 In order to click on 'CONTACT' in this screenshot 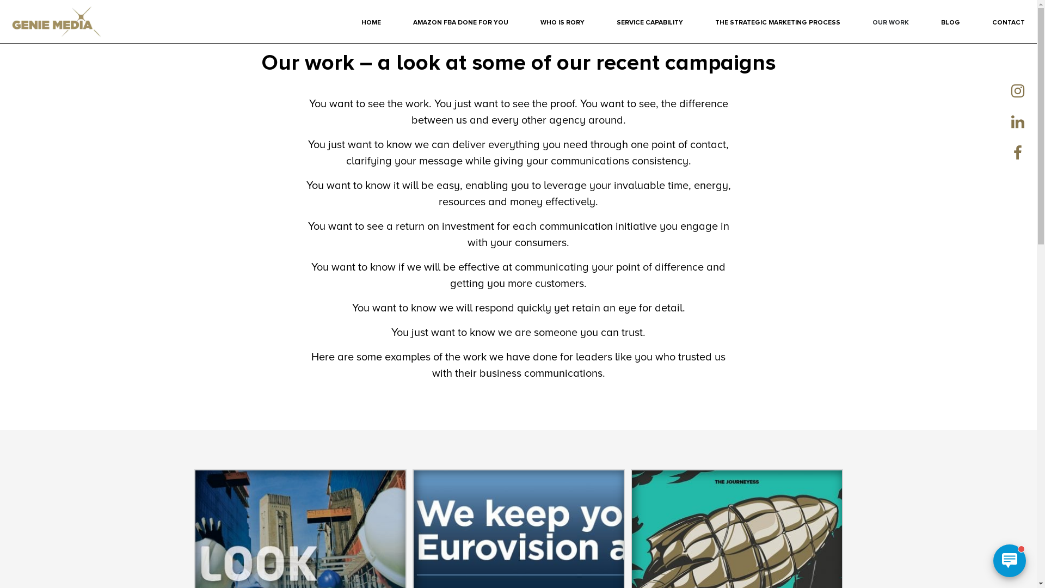, I will do `click(1007, 23)`.